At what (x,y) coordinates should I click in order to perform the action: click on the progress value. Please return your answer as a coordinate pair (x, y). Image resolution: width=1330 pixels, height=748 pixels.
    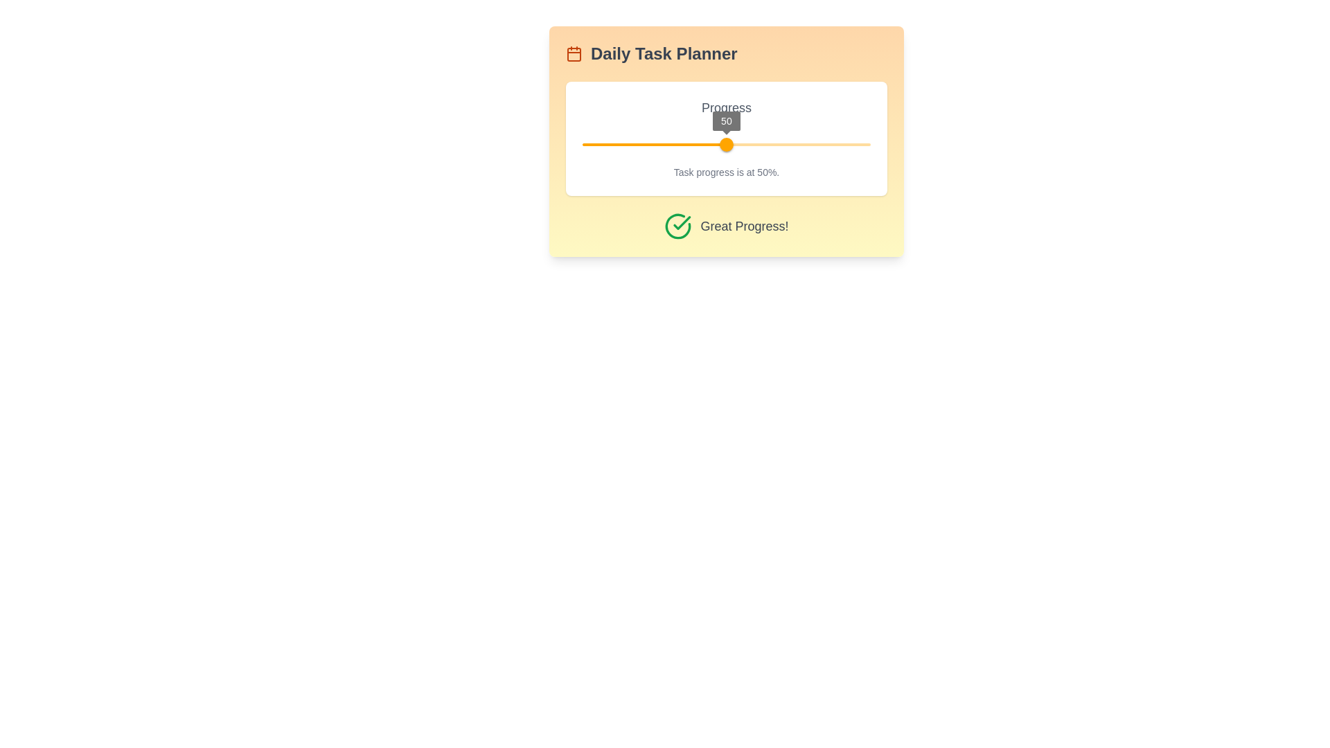
    Looking at the image, I should click on (844, 144).